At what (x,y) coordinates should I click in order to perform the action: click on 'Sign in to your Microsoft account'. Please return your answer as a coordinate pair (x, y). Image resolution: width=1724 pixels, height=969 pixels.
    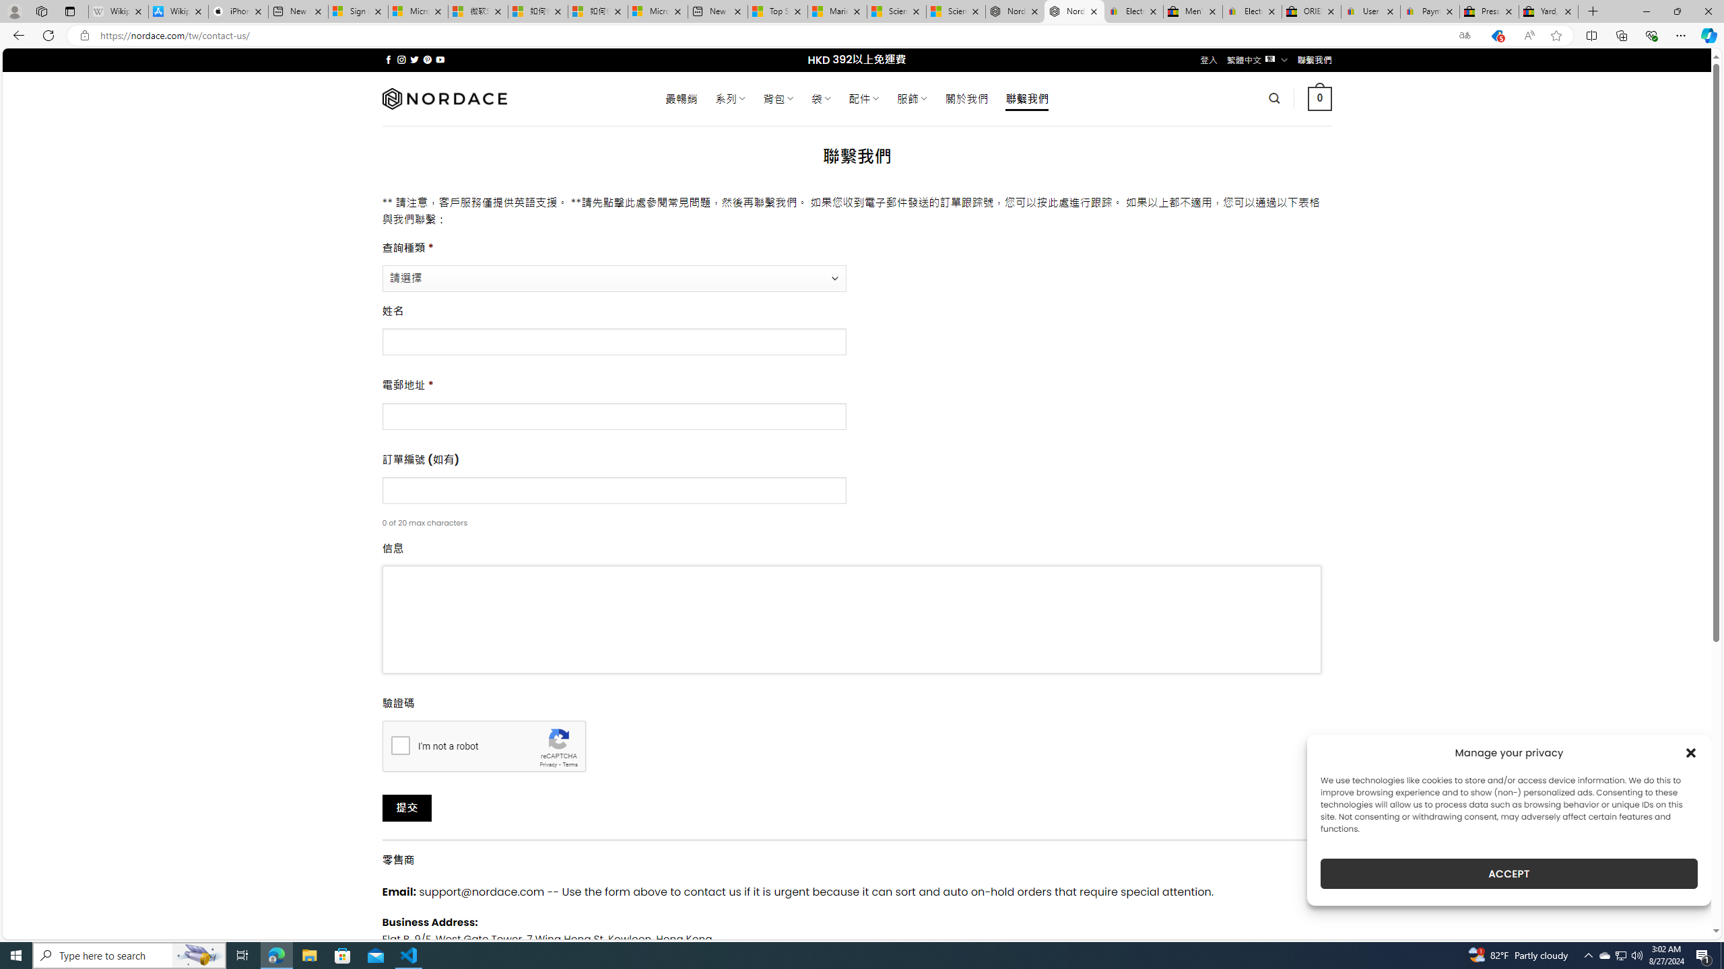
    Looking at the image, I should click on (358, 11).